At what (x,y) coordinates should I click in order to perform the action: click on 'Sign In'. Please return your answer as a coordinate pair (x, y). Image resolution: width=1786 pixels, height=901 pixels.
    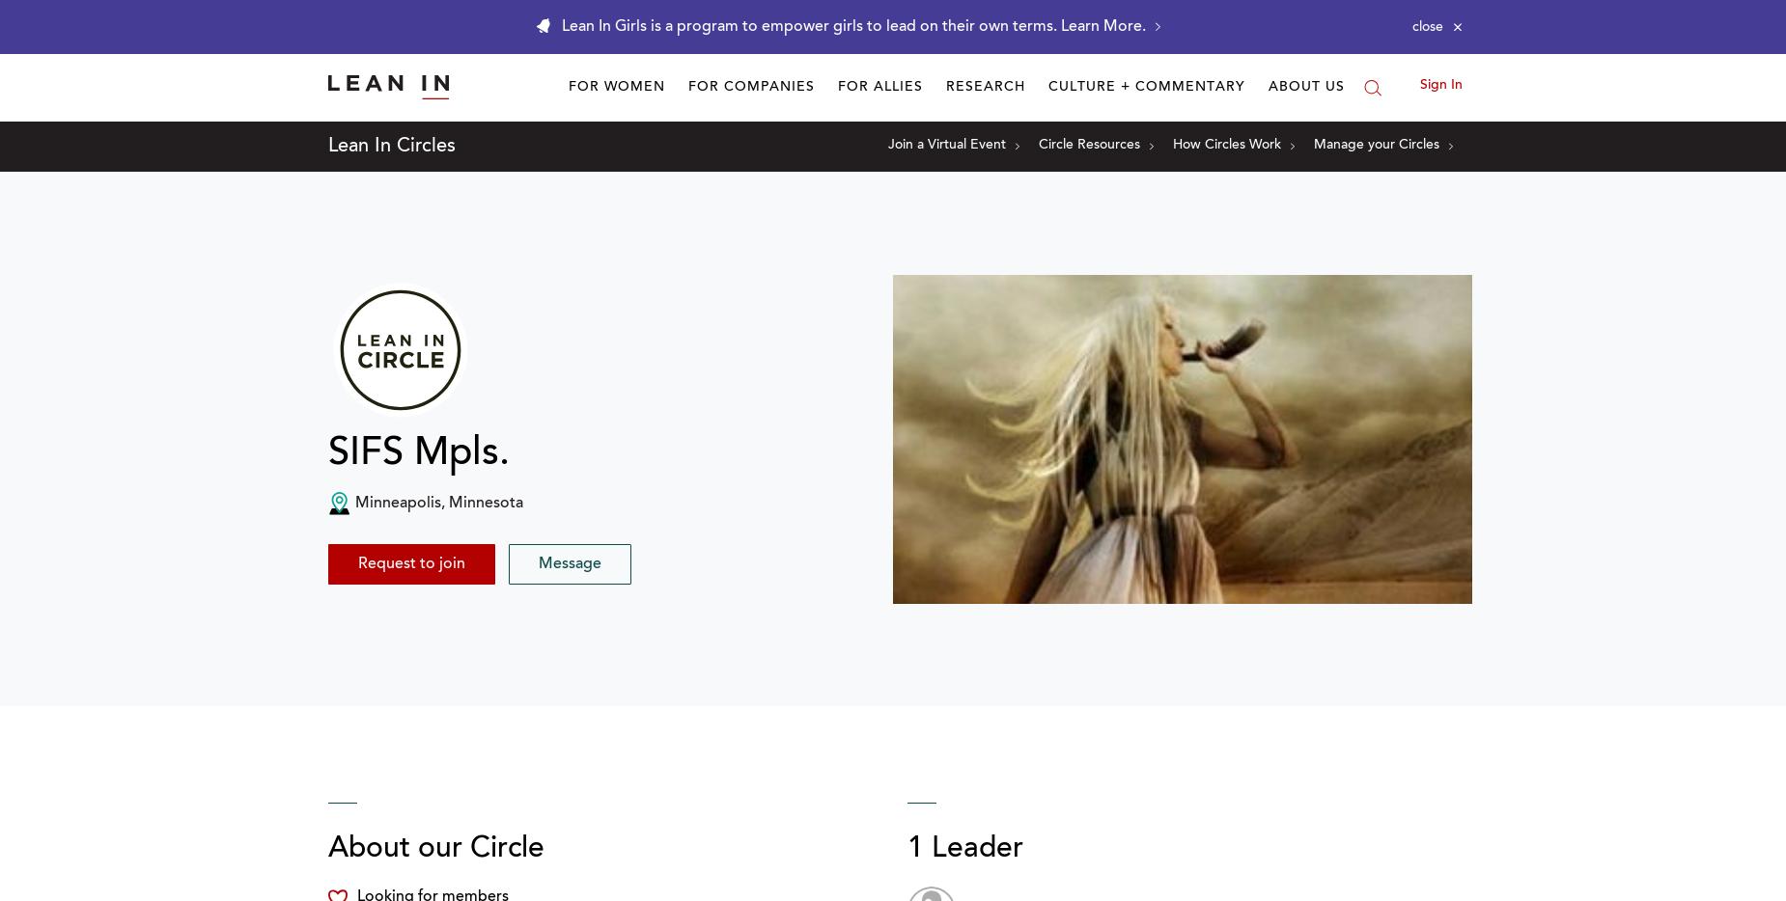
    Looking at the image, I should click on (1440, 86).